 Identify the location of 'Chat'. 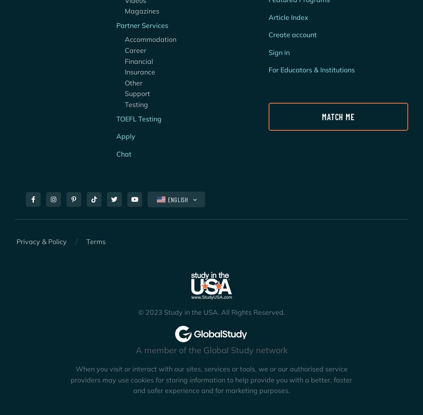
(124, 153).